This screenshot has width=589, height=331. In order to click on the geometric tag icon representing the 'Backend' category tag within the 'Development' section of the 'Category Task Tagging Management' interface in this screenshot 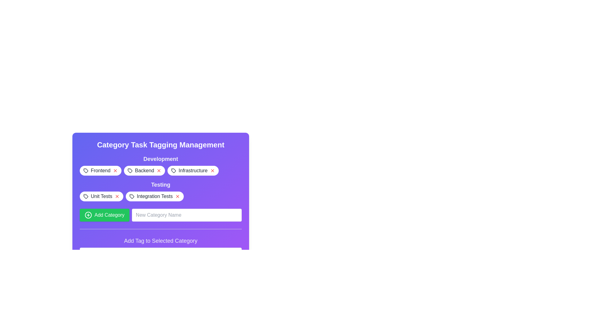, I will do `click(130, 170)`.